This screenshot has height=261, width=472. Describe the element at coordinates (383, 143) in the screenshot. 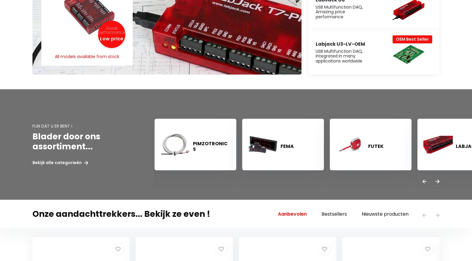

I see `'The Netherlands'` at that location.